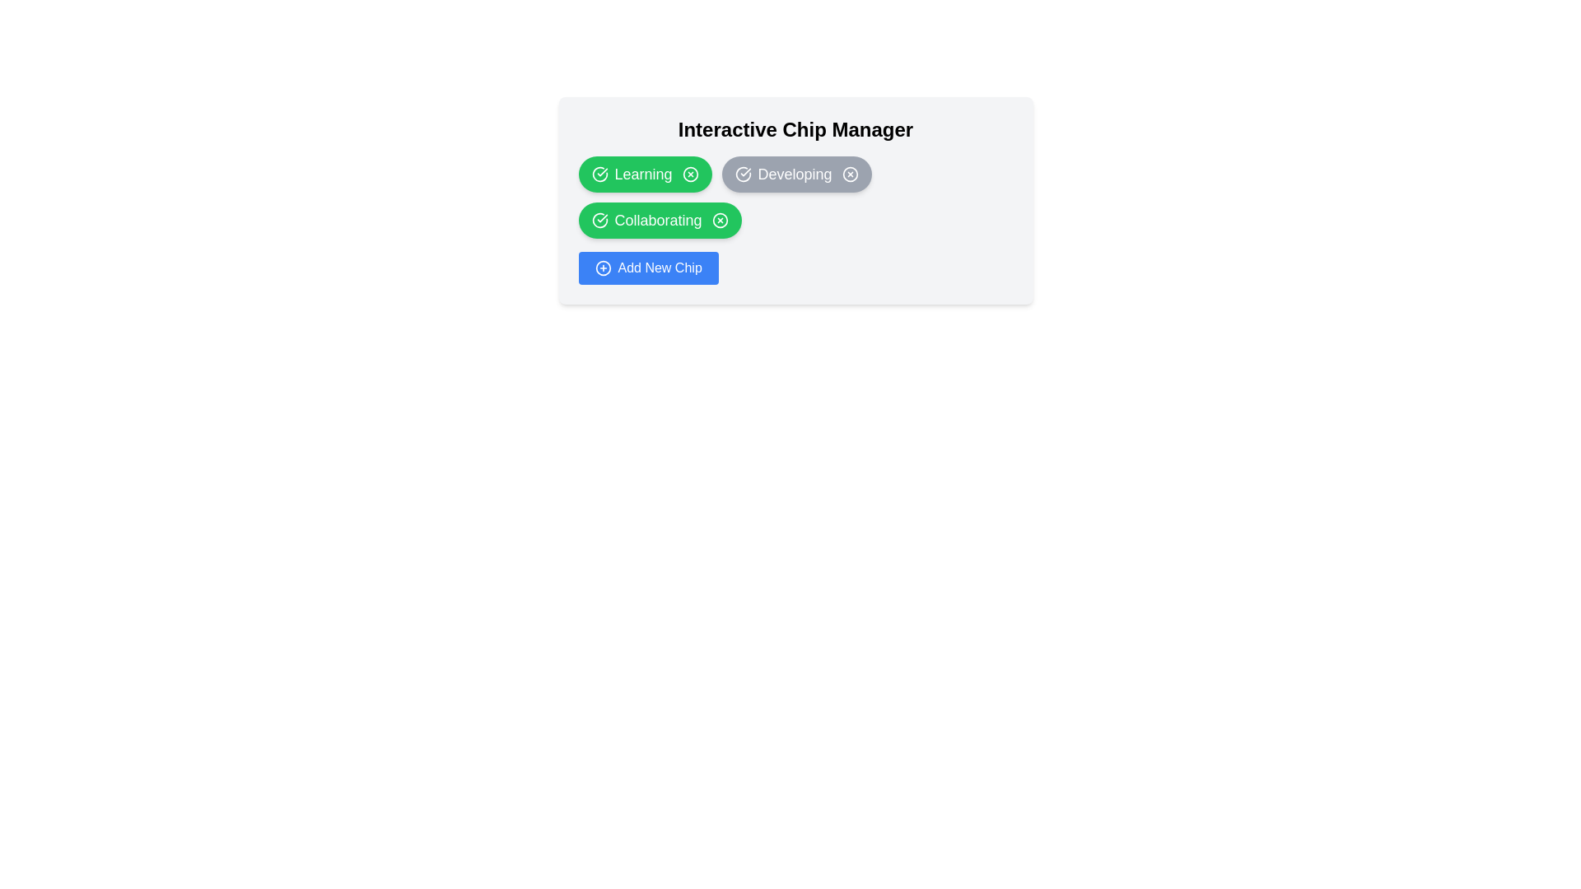  Describe the element at coordinates (599, 175) in the screenshot. I see `the circular green checkmark icon inside the 'Learning' button located at the top of the vertical list of buttons` at that location.